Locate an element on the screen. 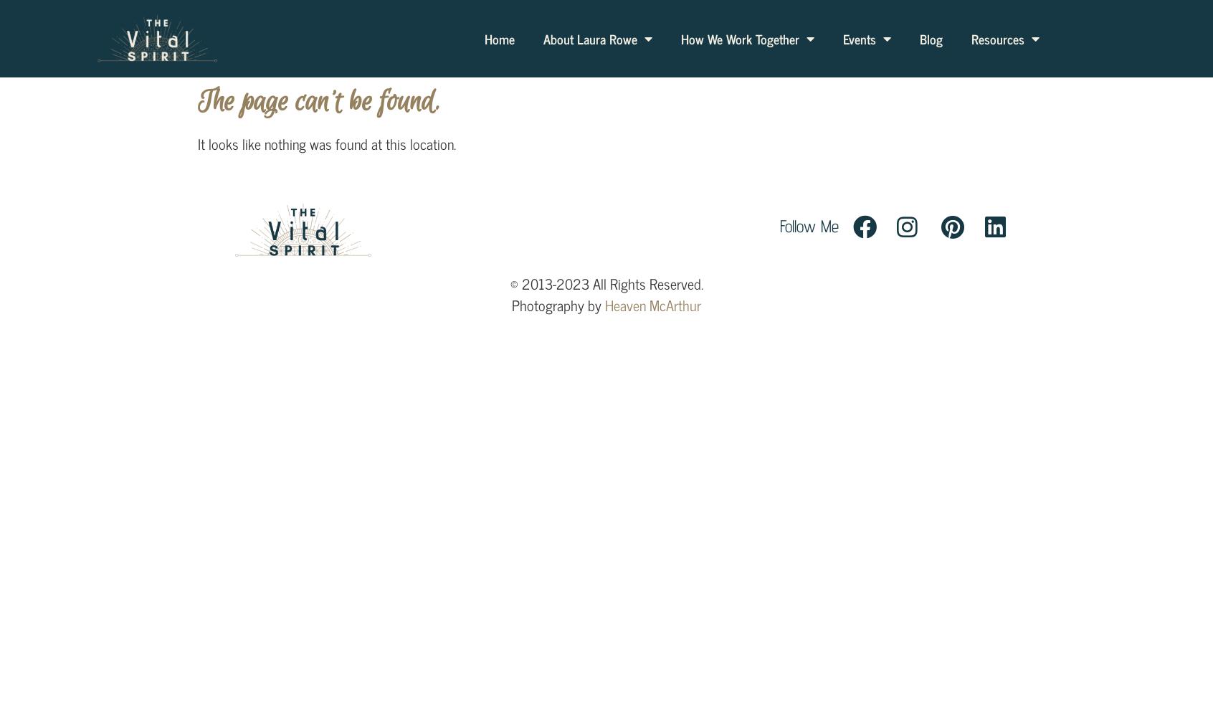 This screenshot has width=1213, height=717. '© 2013-2023 All Rights Reserved.' is located at coordinates (606, 283).